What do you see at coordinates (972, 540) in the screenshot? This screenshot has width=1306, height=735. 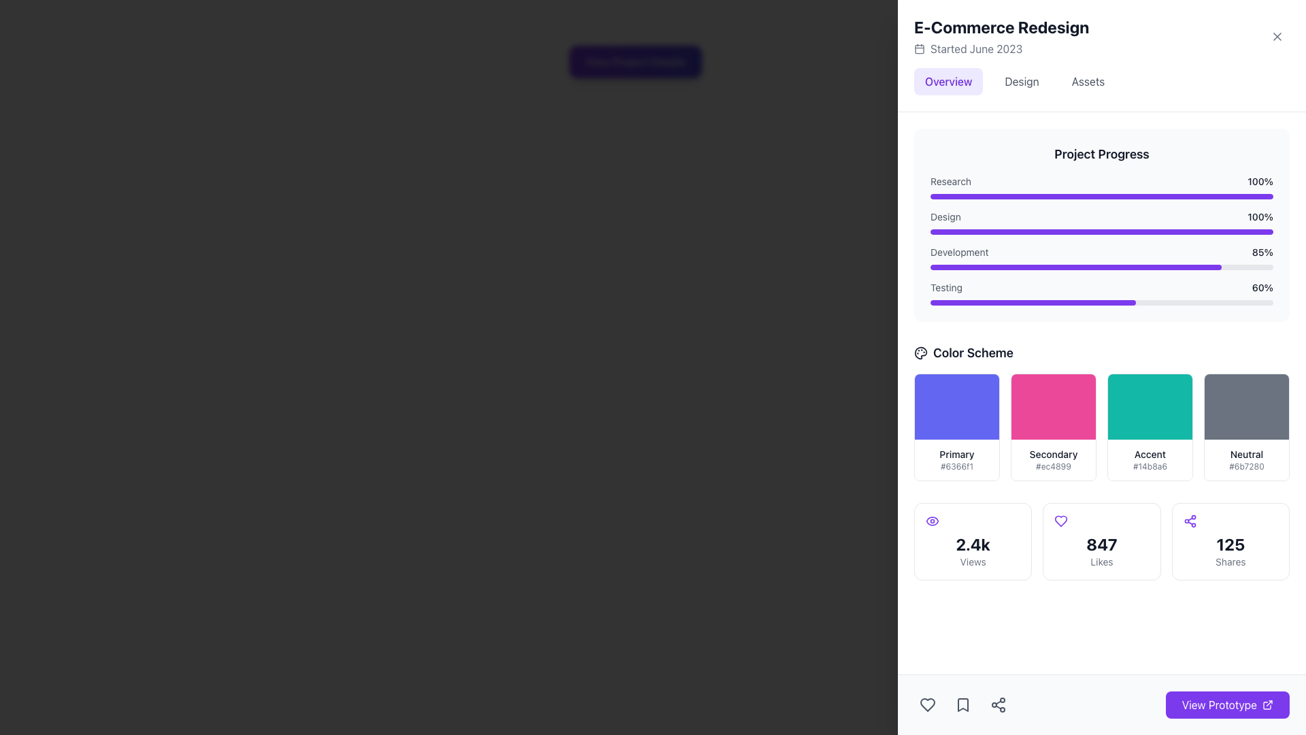 I see `the Counter display element that shows the numerical count of views, located in the first column of a grid layout, below the 'Color Scheme' header` at bounding box center [972, 540].